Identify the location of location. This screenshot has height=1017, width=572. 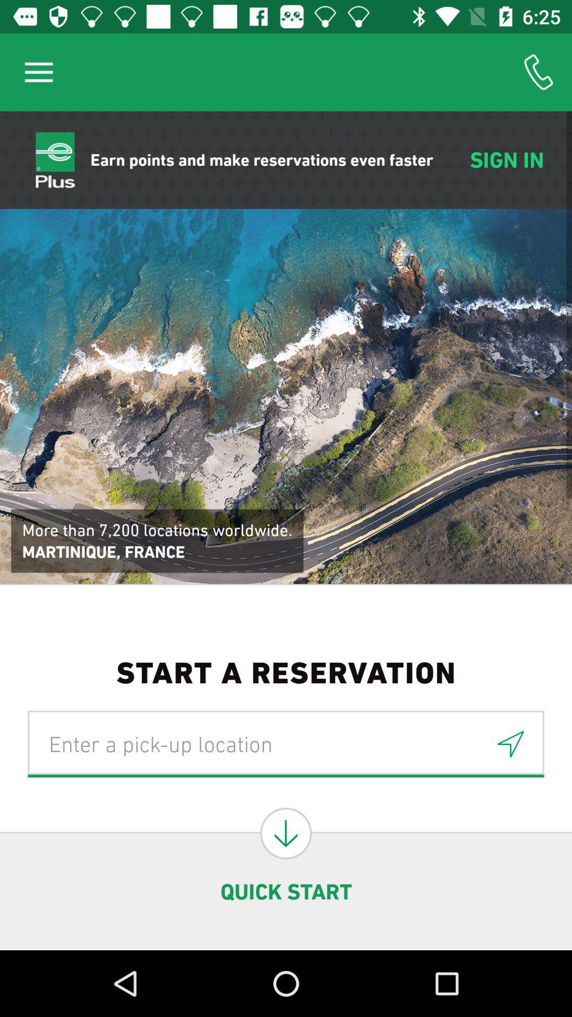
(235, 743).